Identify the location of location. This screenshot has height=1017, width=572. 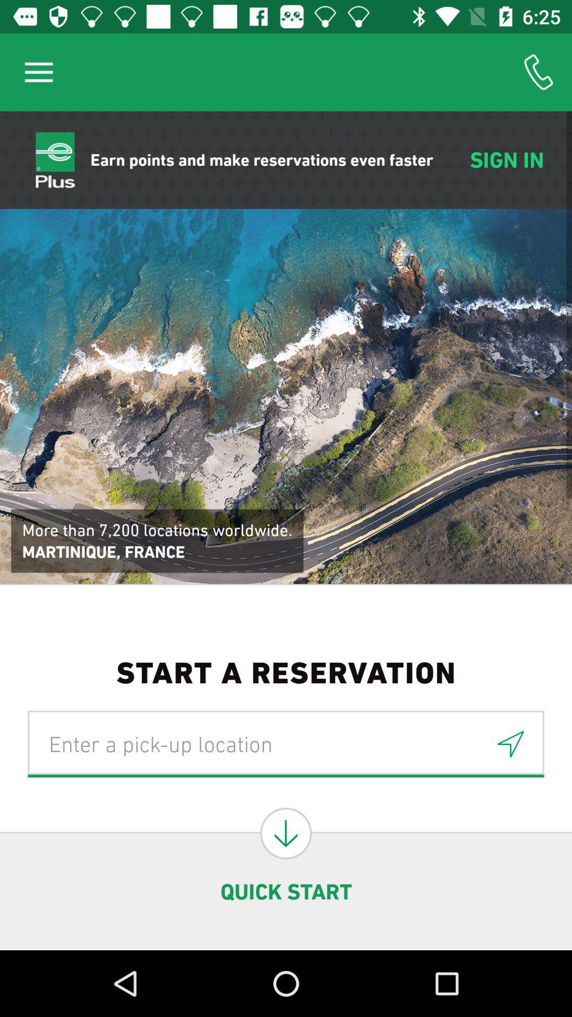
(235, 743).